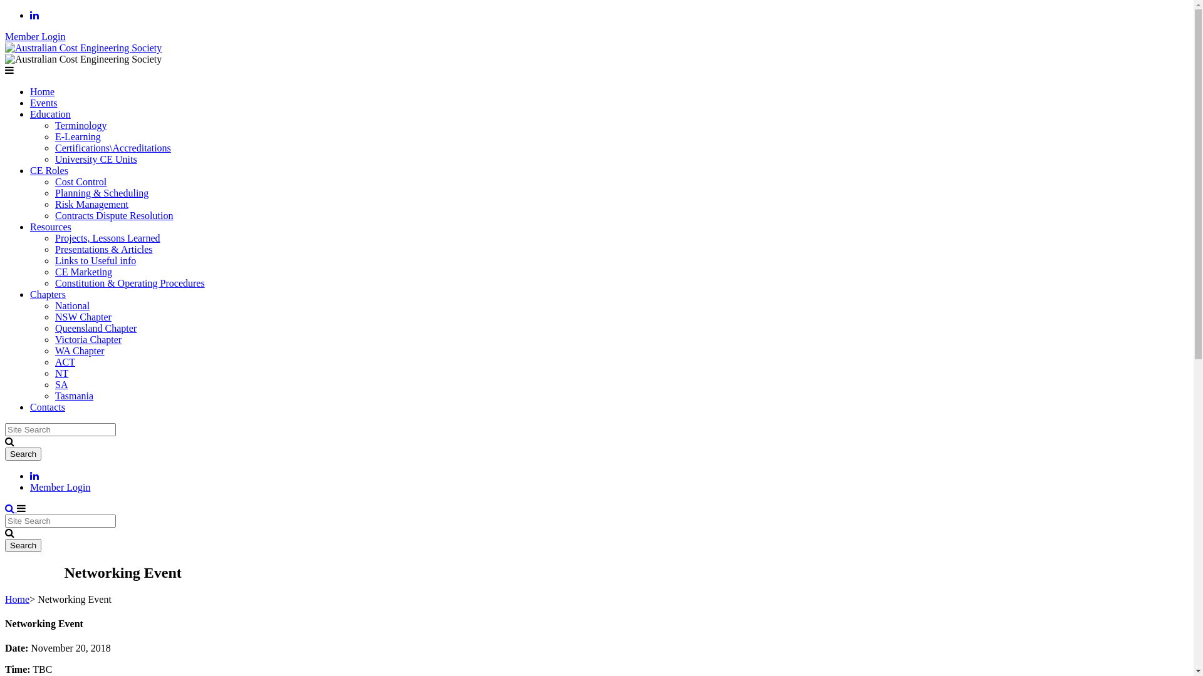 This screenshot has height=676, width=1203. Describe the element at coordinates (54, 249) in the screenshot. I see `'Presentations & Articles'` at that location.